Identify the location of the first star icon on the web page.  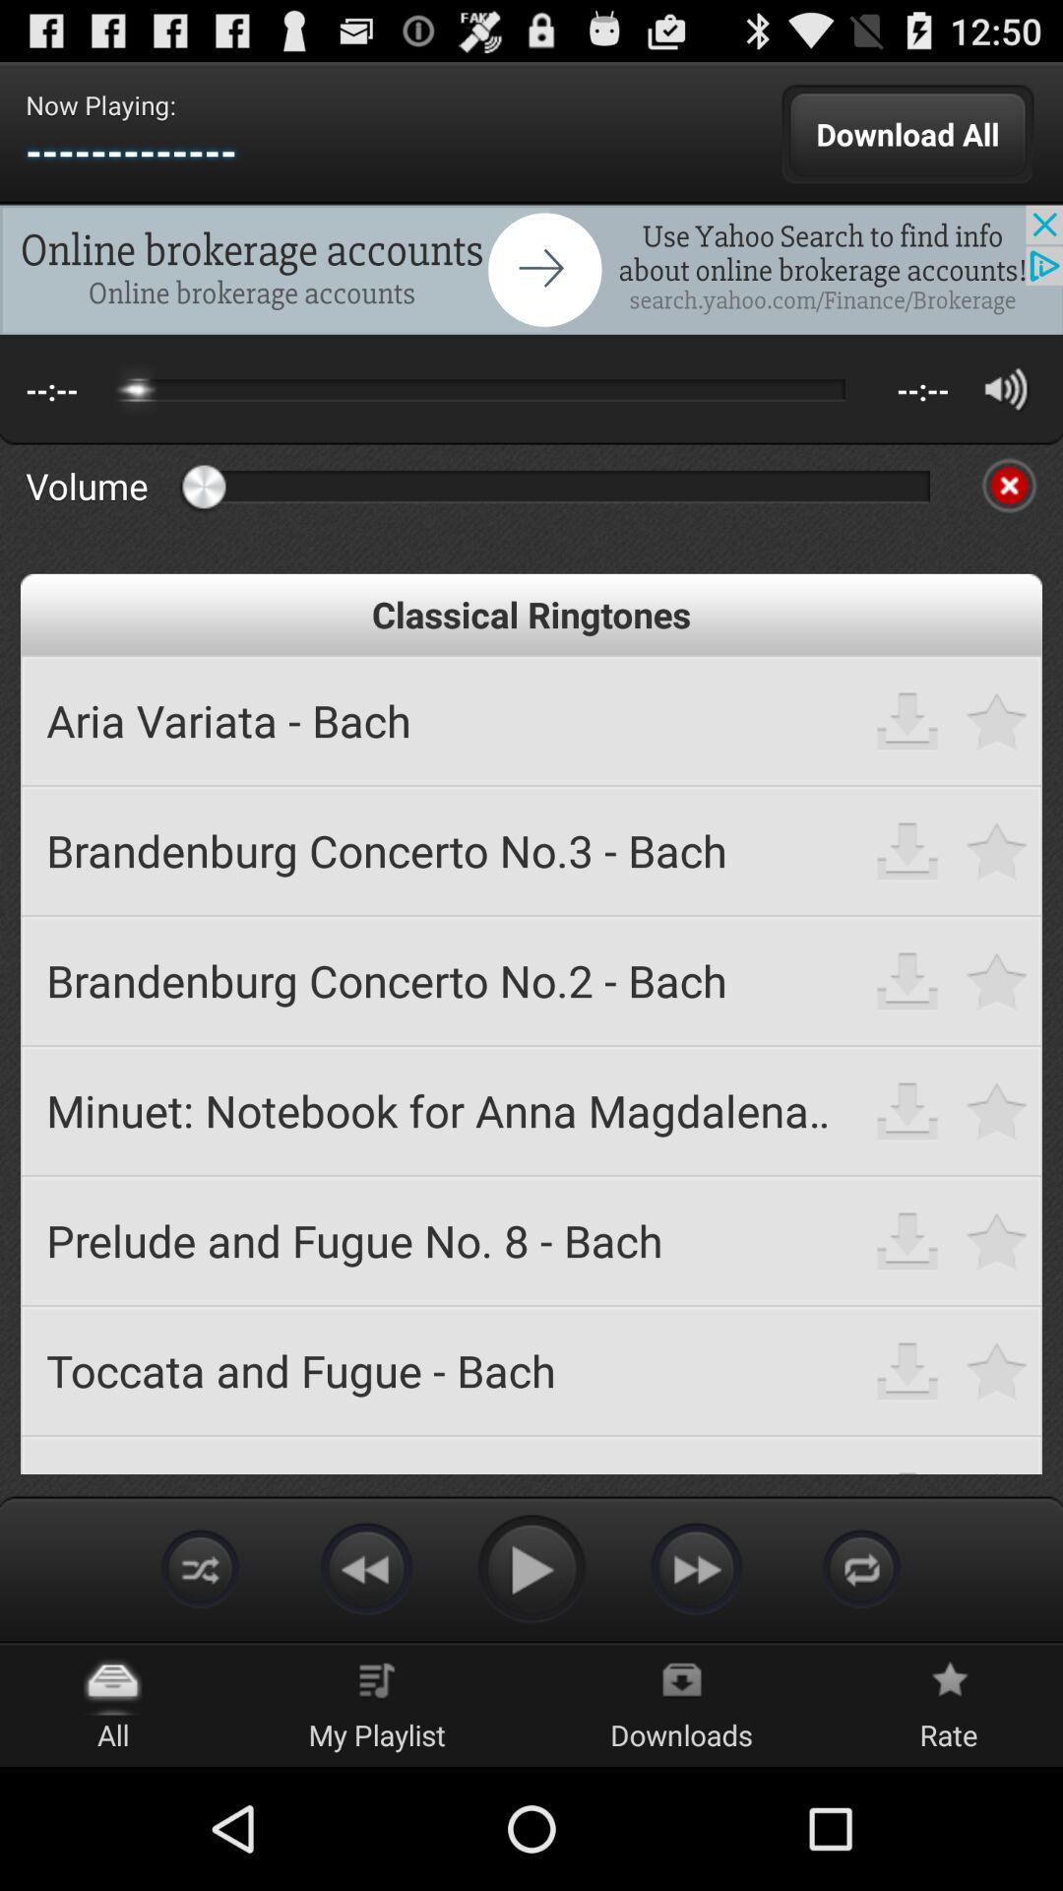
(997, 719).